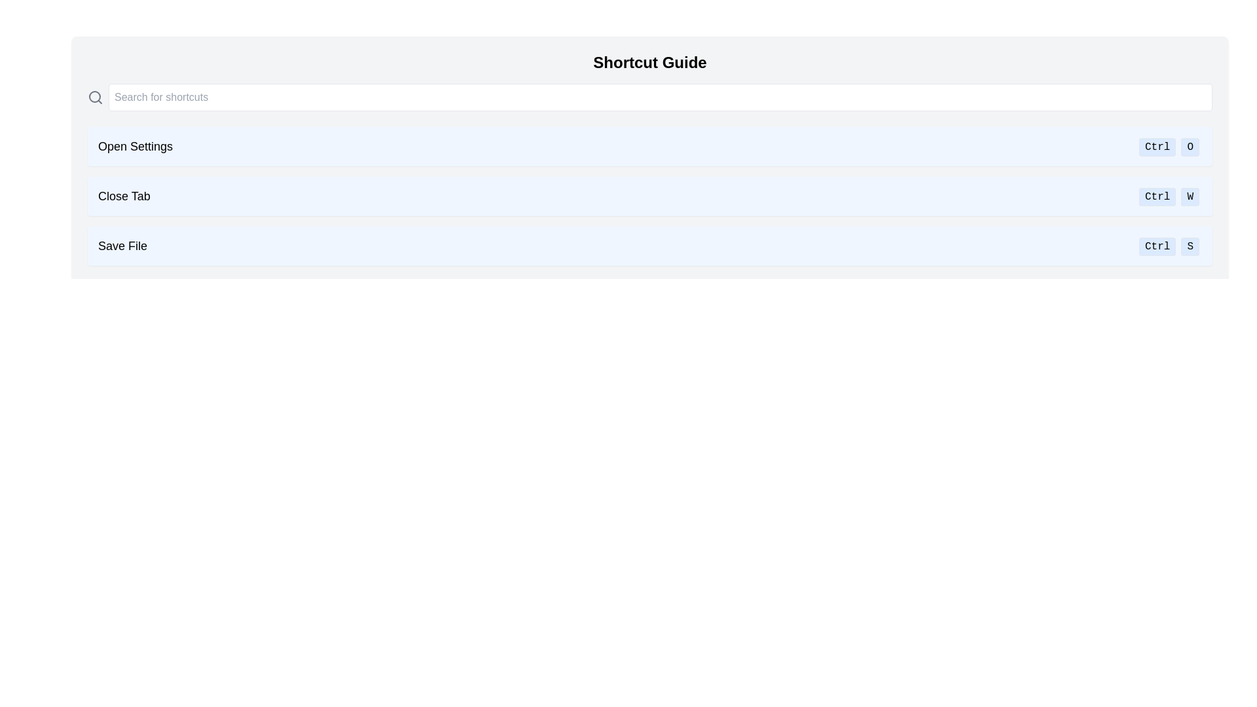  Describe the element at coordinates (1169, 146) in the screenshot. I see `the shortcut indicator for the 'Open Settings' action, which indicates the keyboard shortcut 'Ctrl + O', located at the far right side of the corresponding row` at that location.